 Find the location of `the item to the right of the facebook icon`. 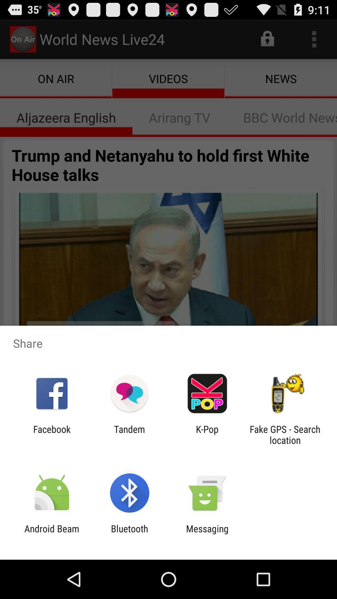

the item to the right of the facebook icon is located at coordinates (129, 434).